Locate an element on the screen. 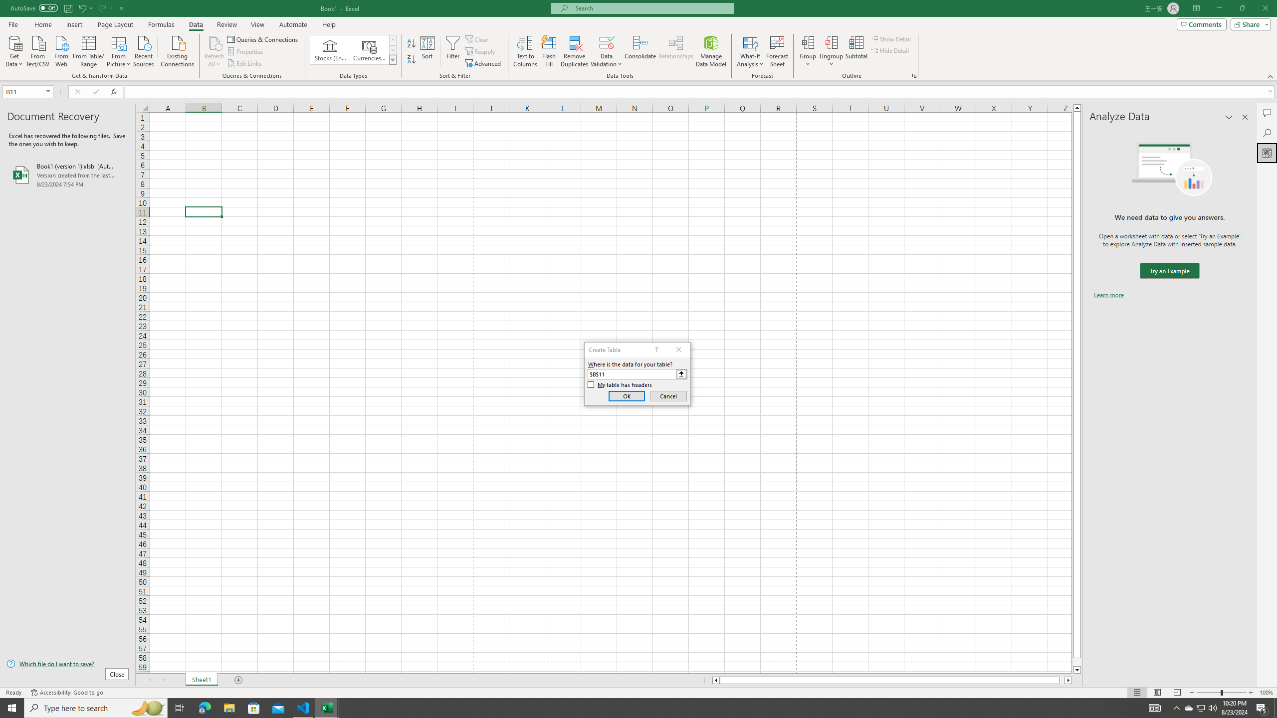 The width and height of the screenshot is (1277, 718). 'Sheet1' is located at coordinates (201, 680).